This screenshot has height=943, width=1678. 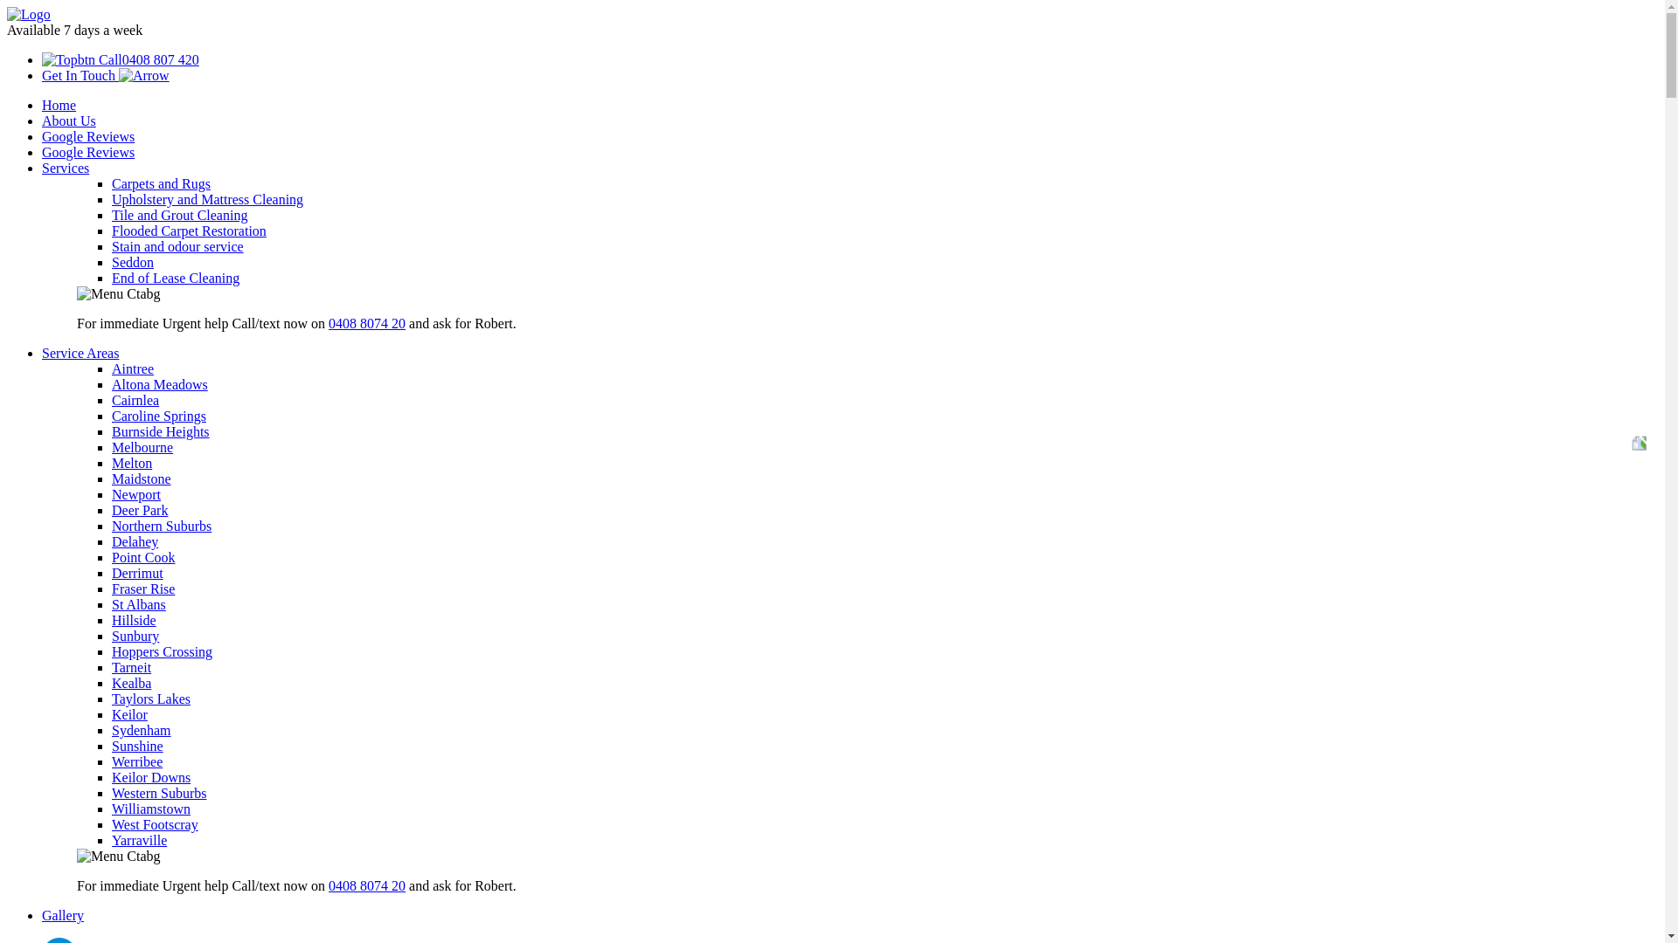 I want to click on 'Melbourne', so click(x=142, y=446).